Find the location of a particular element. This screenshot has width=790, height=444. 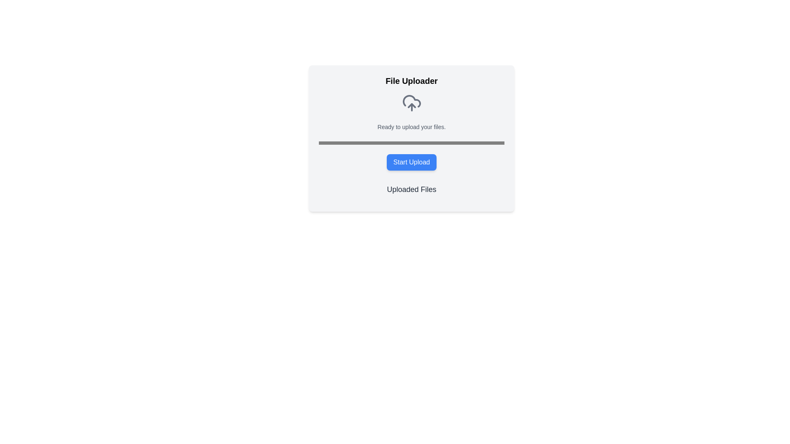

the cloud-shaped icon with an upward arrow, located below the 'File Uploader' heading, to understand its purpose is located at coordinates (411, 102).